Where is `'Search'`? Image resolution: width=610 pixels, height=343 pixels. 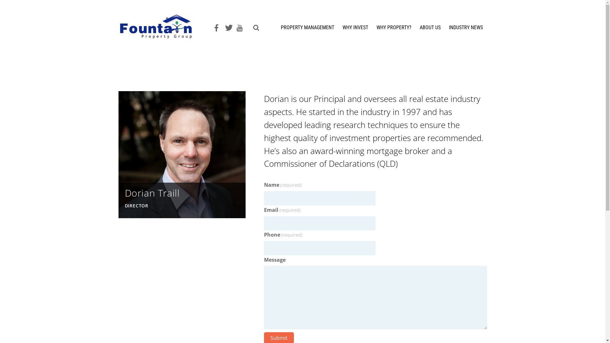 'Search' is located at coordinates (254, 28).